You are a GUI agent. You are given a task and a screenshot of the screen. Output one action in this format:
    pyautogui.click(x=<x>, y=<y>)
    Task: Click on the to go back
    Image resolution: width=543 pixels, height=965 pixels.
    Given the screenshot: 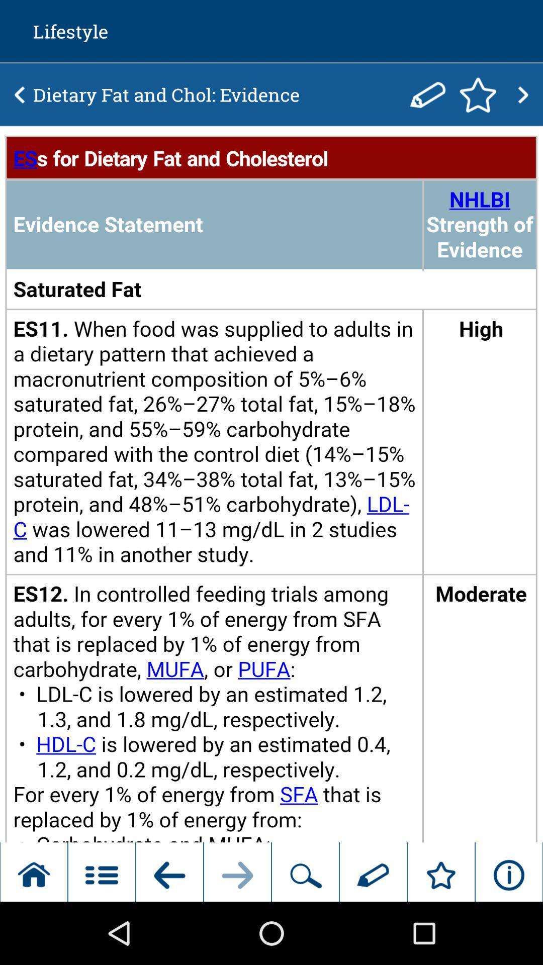 What is the action you would take?
    pyautogui.click(x=20, y=94)
    